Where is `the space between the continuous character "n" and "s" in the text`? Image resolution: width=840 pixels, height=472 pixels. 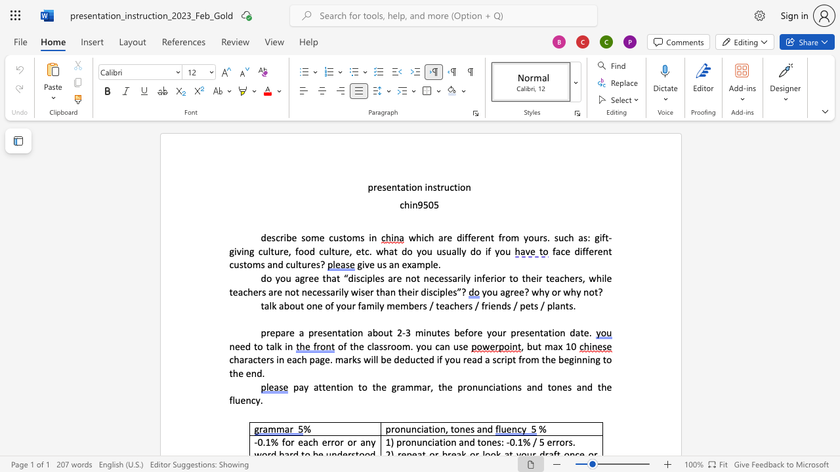 the space between the continuous character "n" and "s" in the text is located at coordinates (432, 187).